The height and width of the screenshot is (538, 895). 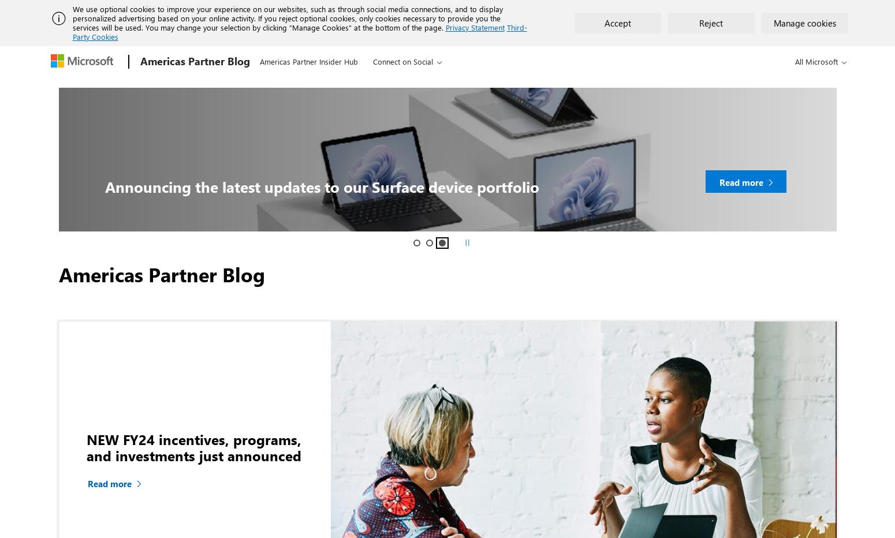 What do you see at coordinates (339, 81) in the screenshot?
I see `'The new MSP Partner Community is being created so we can learn from, and share the latest news and advancements with, our Managed Service Provider partners. To kick off our new community, we’ll be hosting an inaugural Microsoft MSP Summit on November 2, 2023.'` at bounding box center [339, 81].